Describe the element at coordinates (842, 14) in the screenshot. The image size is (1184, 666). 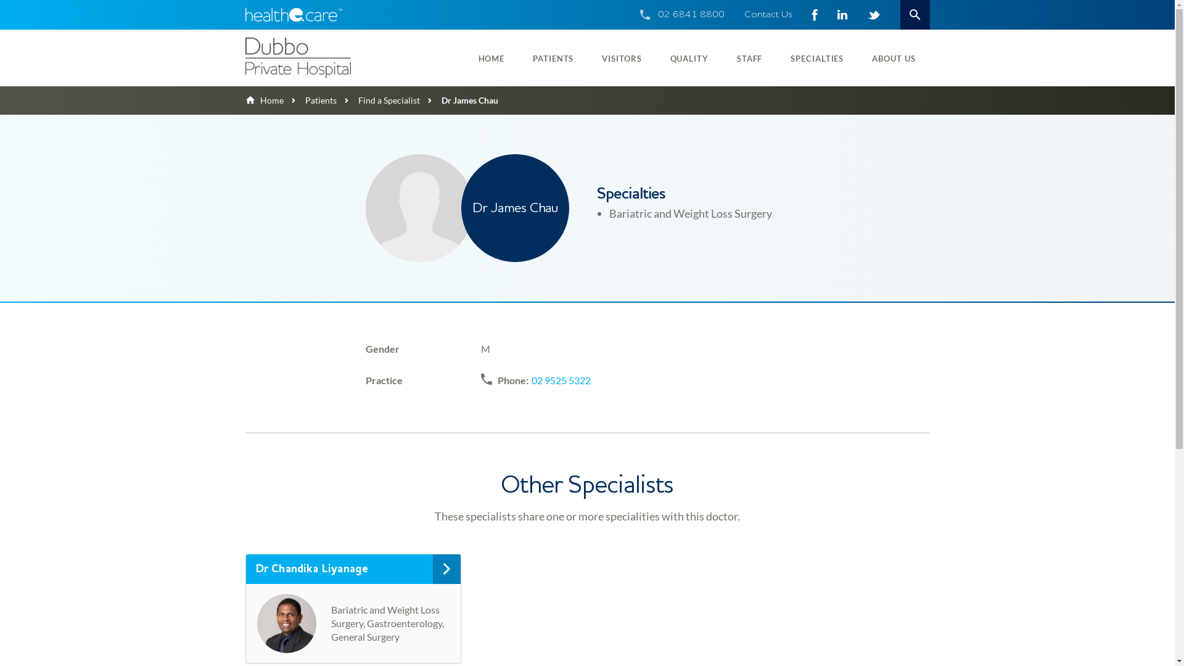
I see `'LinkedIn - 292626'` at that location.